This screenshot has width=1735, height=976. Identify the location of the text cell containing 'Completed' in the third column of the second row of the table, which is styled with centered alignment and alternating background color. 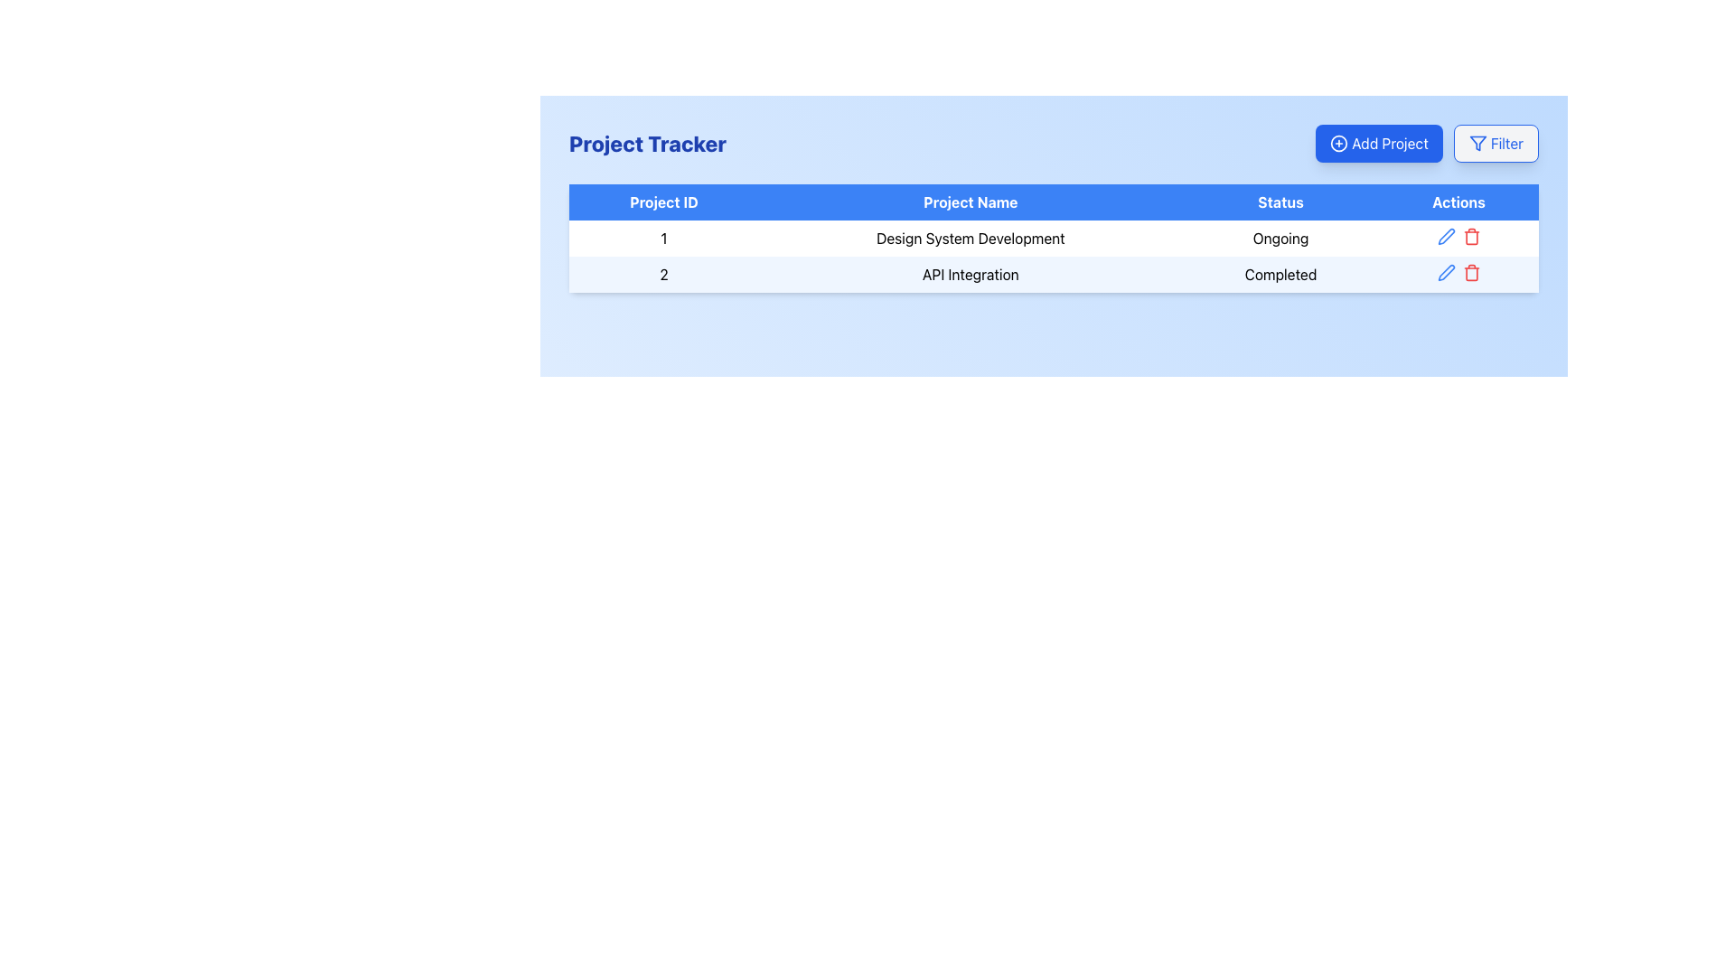
(1280, 275).